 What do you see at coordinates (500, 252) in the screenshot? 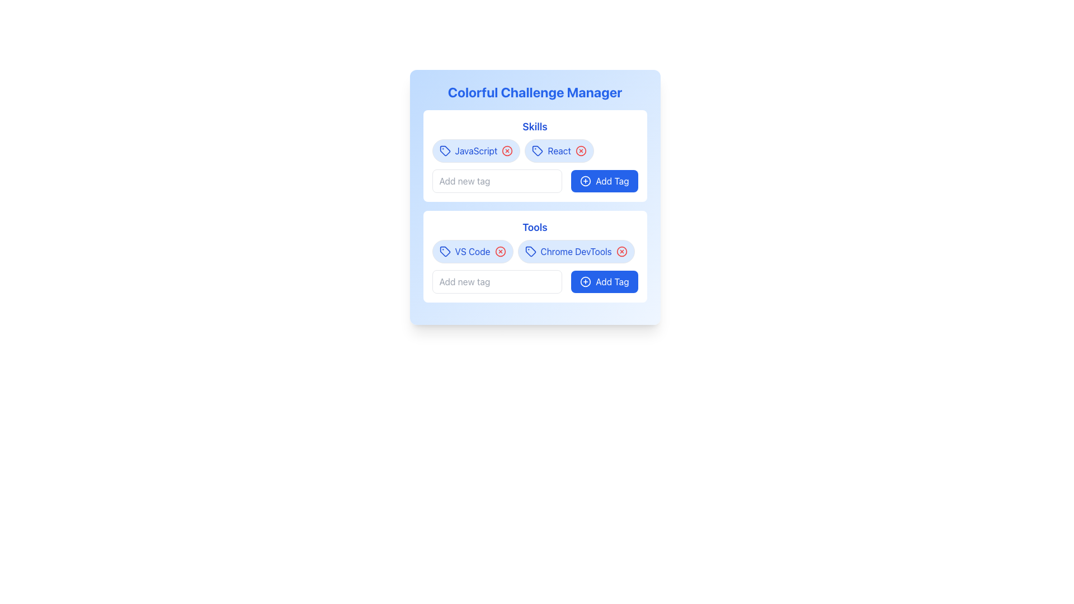
I see `the circular delete icon with a hollow center and a cross mark in the middle, which is part of the tag component for 'VS Code' under 'Tools'` at bounding box center [500, 252].